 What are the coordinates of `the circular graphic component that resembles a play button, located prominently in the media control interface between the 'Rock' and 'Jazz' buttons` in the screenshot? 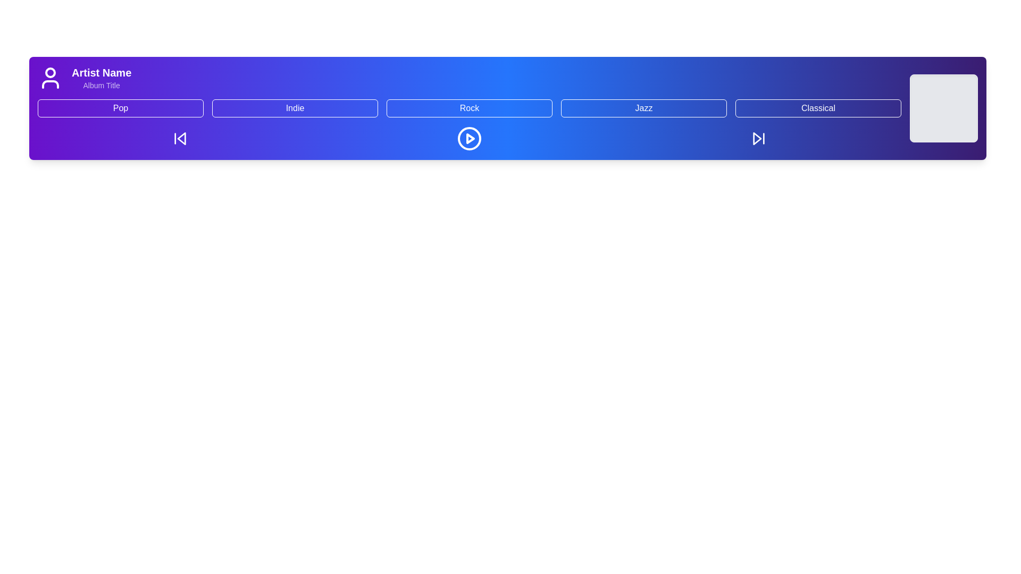 It's located at (469, 138).